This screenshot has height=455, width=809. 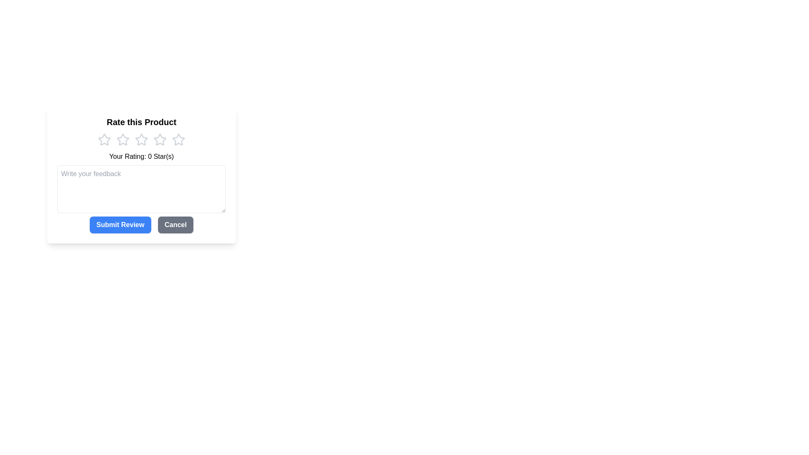 What do you see at coordinates (142, 139) in the screenshot?
I see `the third star icon in the unrated rating system located below the 'Rate this Product' text to indicate interaction` at bounding box center [142, 139].